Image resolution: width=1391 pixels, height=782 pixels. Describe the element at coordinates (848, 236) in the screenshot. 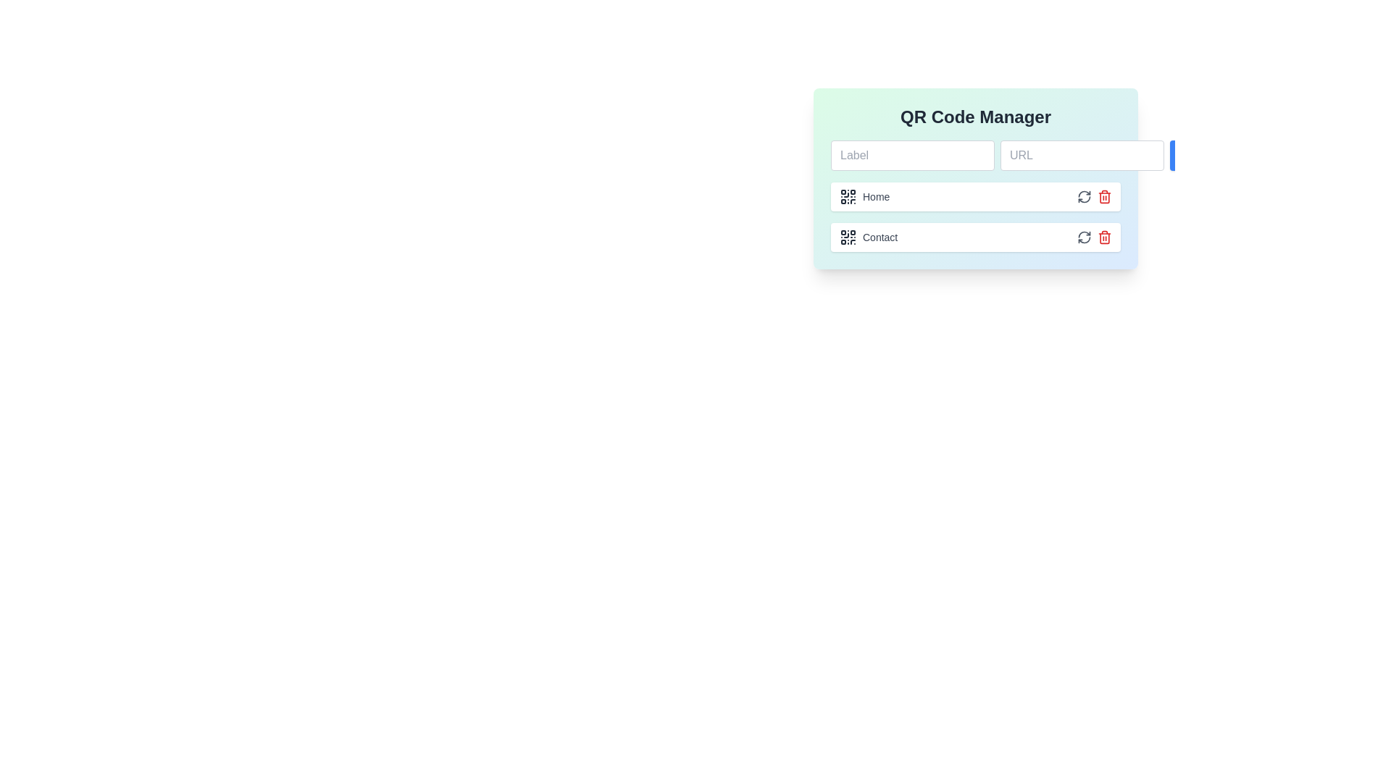

I see `properties of the QR code icon representing the 'Contact' entry in the 'QR Code Manager' panel` at that location.